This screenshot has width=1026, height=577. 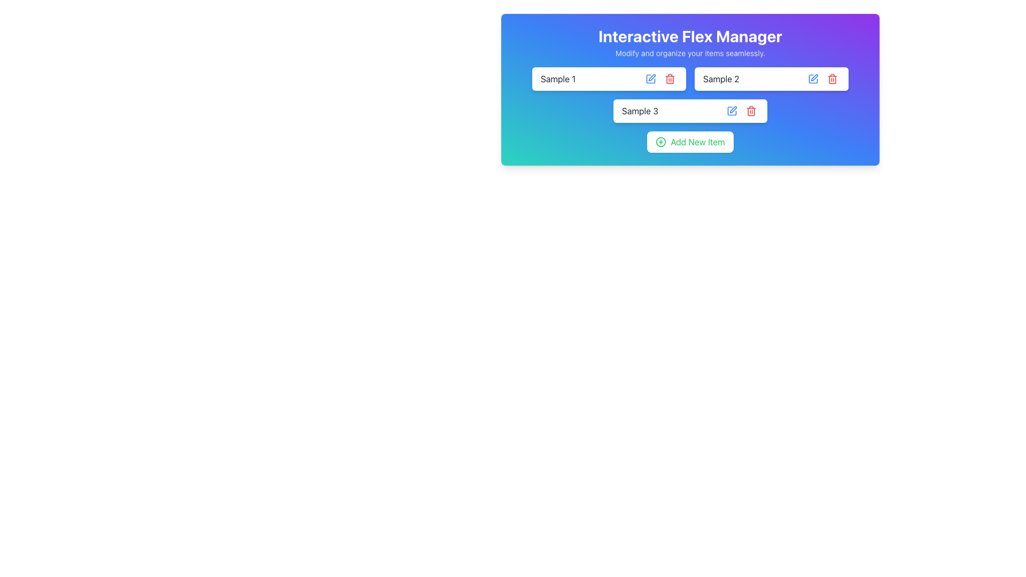 I want to click on the trash can icon button, which is red and indicates a delete action, located to the right of the input field labeled 'Sample 2', so click(x=832, y=78).